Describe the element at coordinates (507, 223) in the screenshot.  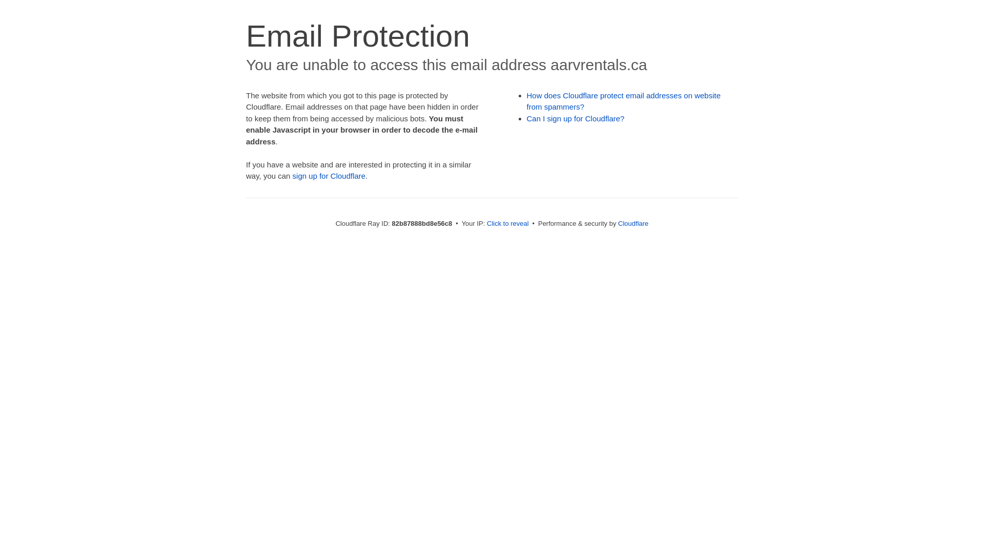
I see `'Click to reveal'` at that location.